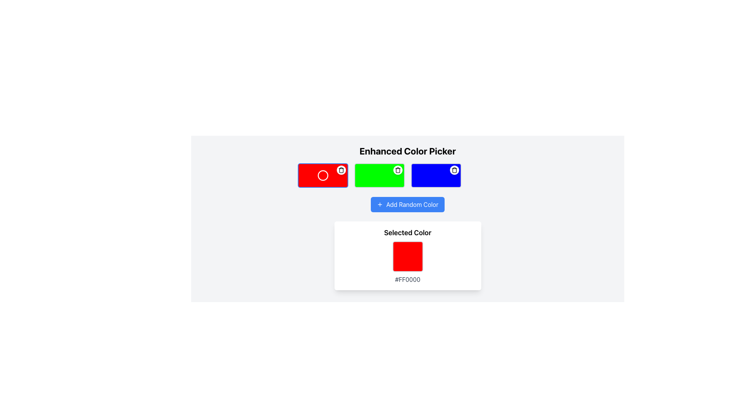  Describe the element at coordinates (454, 169) in the screenshot. I see `the small circular button with a trash can icon located at the top-right corner of the blue rectangular box` at that location.